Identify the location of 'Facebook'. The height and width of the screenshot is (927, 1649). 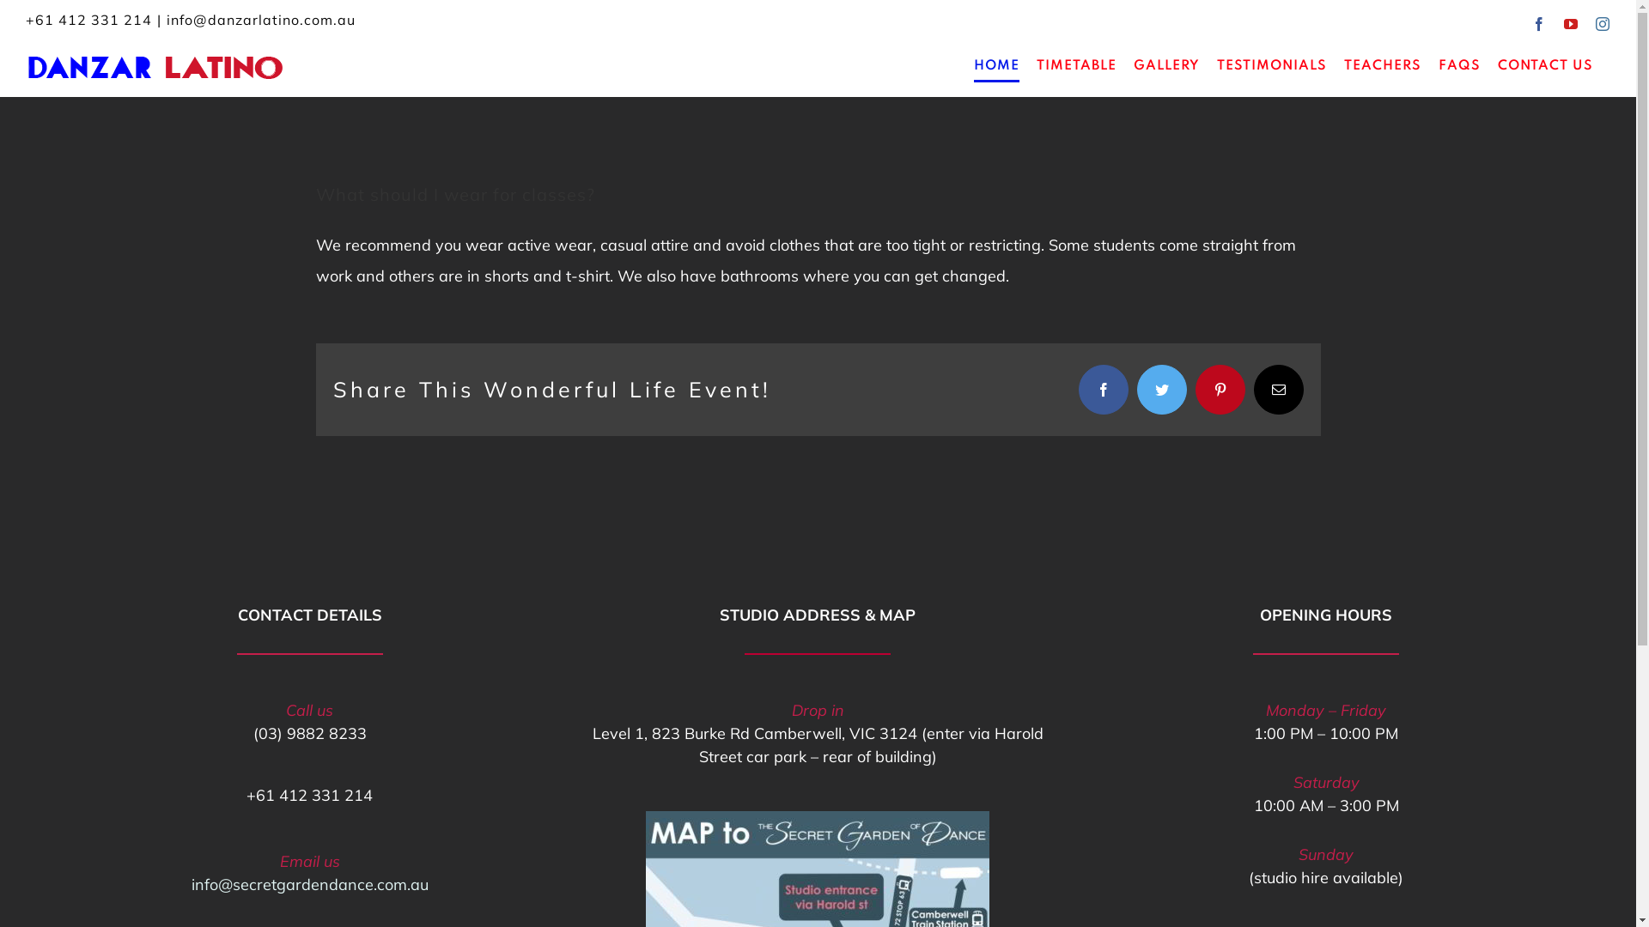
(1078, 390).